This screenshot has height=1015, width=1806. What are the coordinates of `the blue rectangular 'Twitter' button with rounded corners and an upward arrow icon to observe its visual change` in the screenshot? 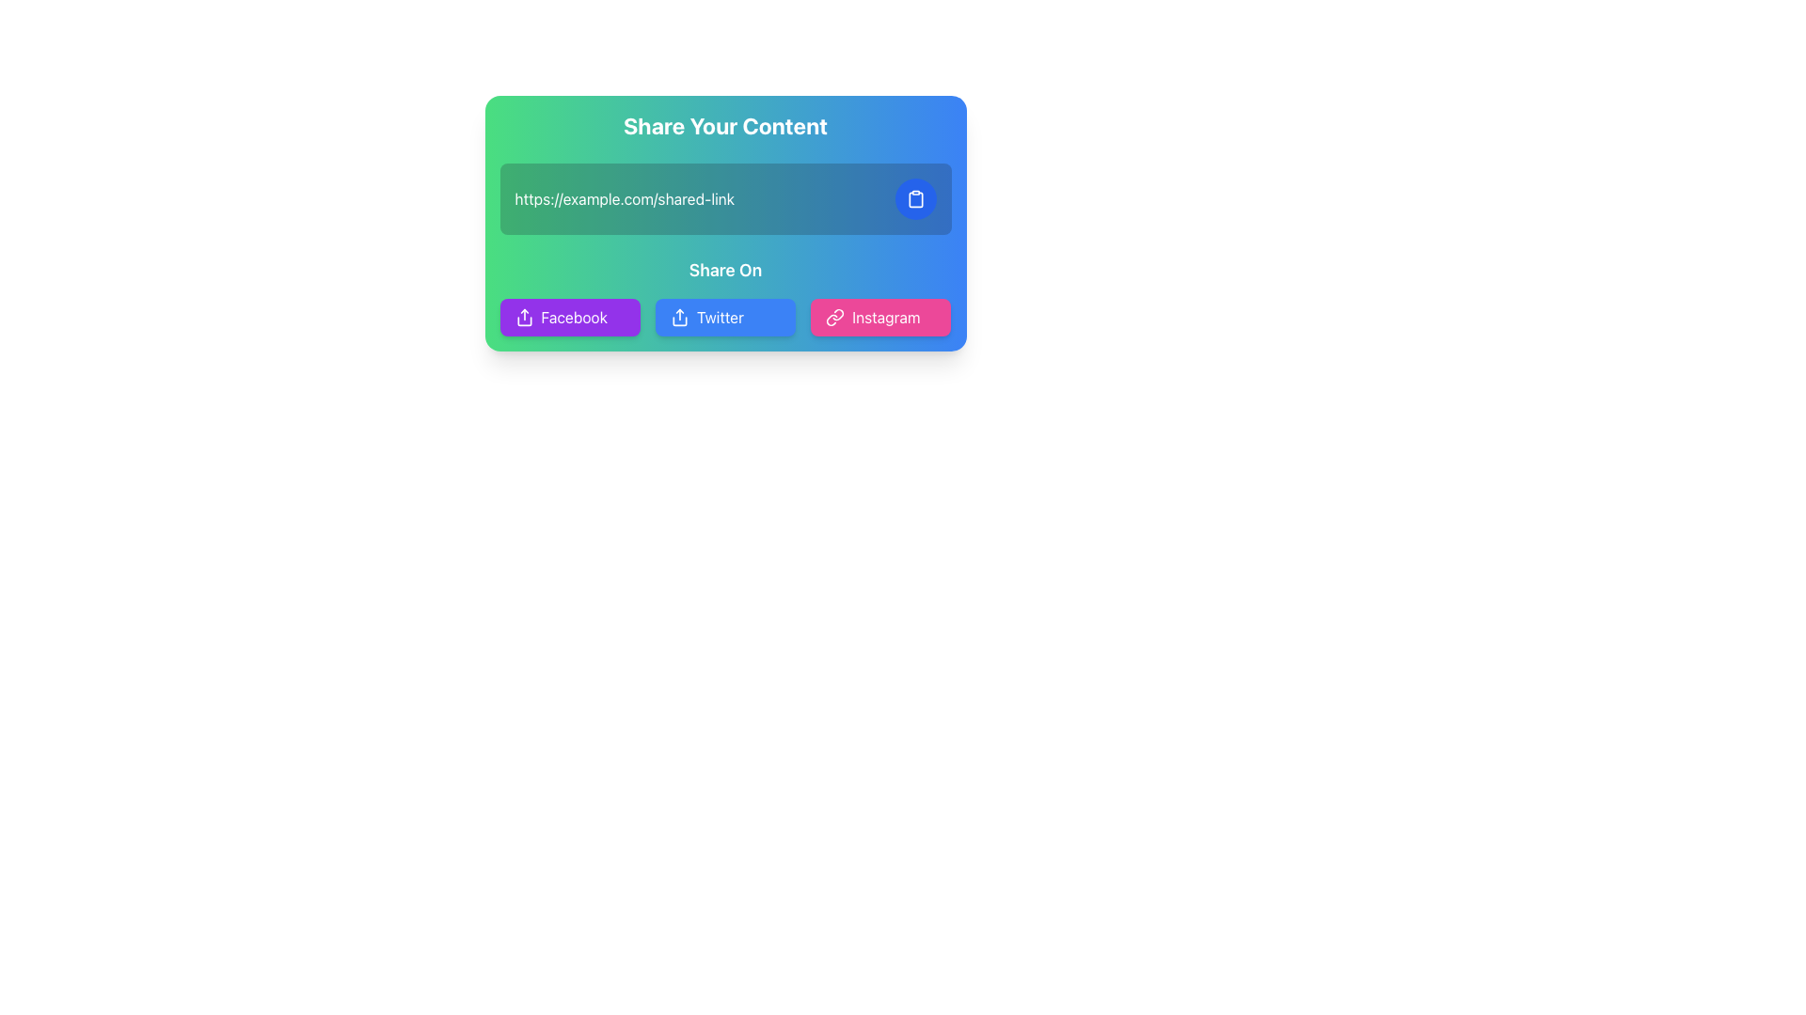 It's located at (724, 317).